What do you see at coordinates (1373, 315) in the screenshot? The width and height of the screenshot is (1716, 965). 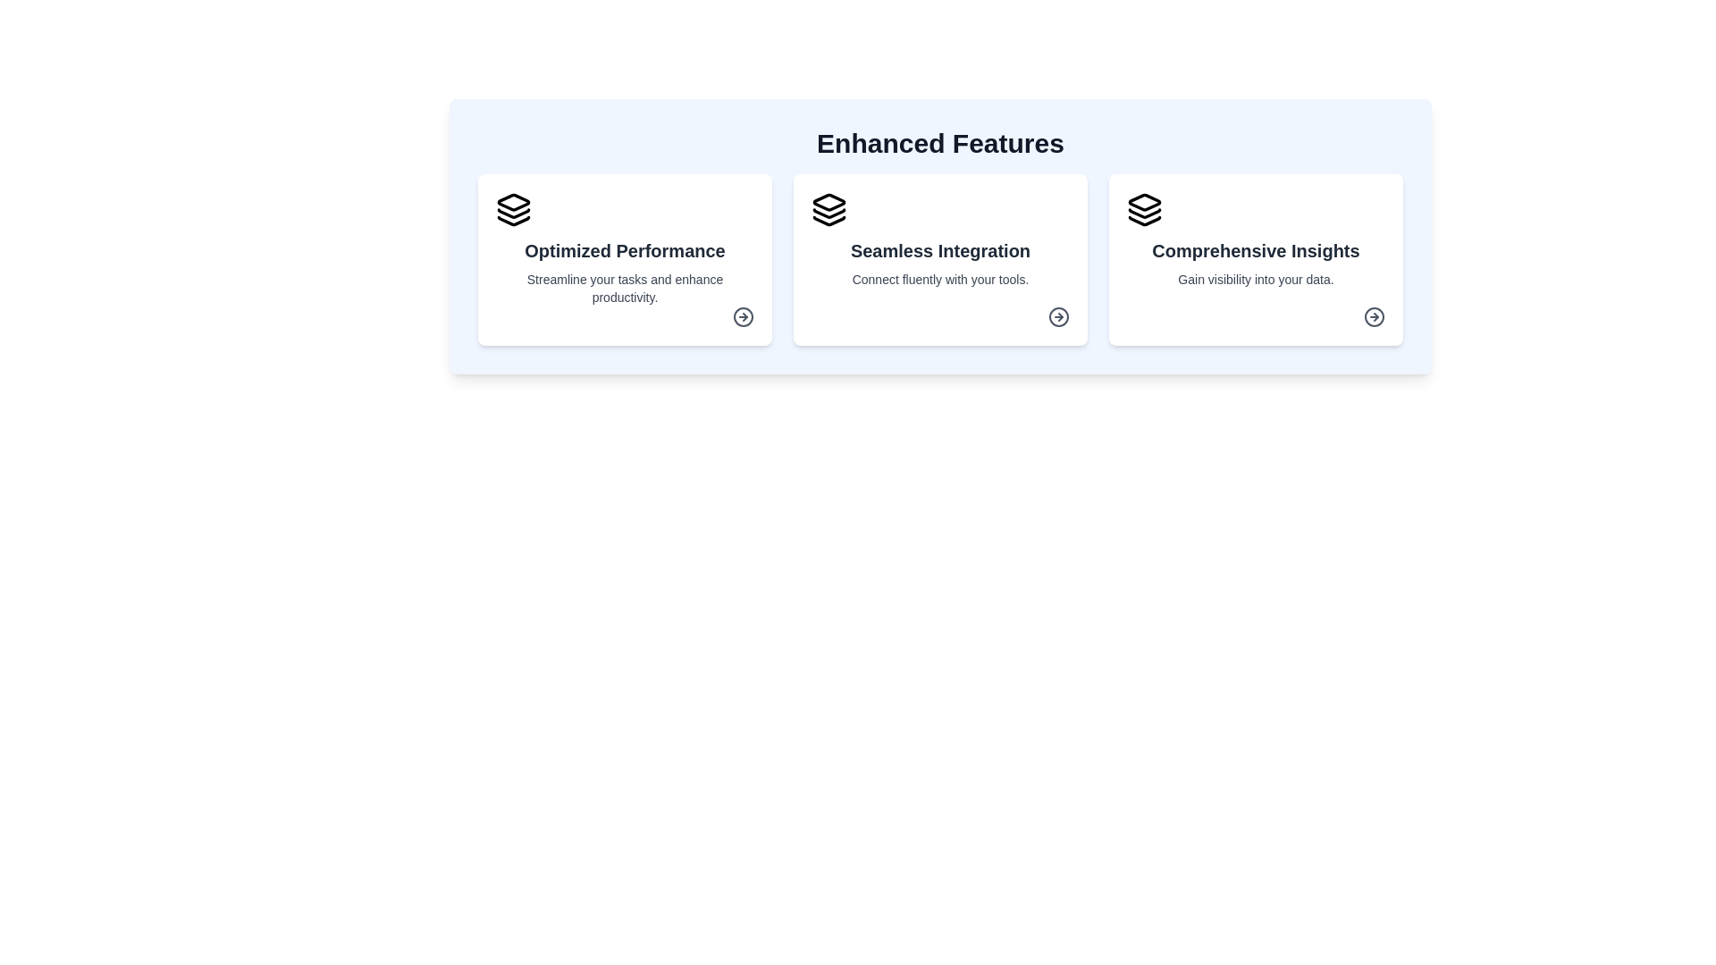 I see `the actionable icon located in the lower-right corner of the 'Comprehensive Insights' card` at bounding box center [1373, 315].